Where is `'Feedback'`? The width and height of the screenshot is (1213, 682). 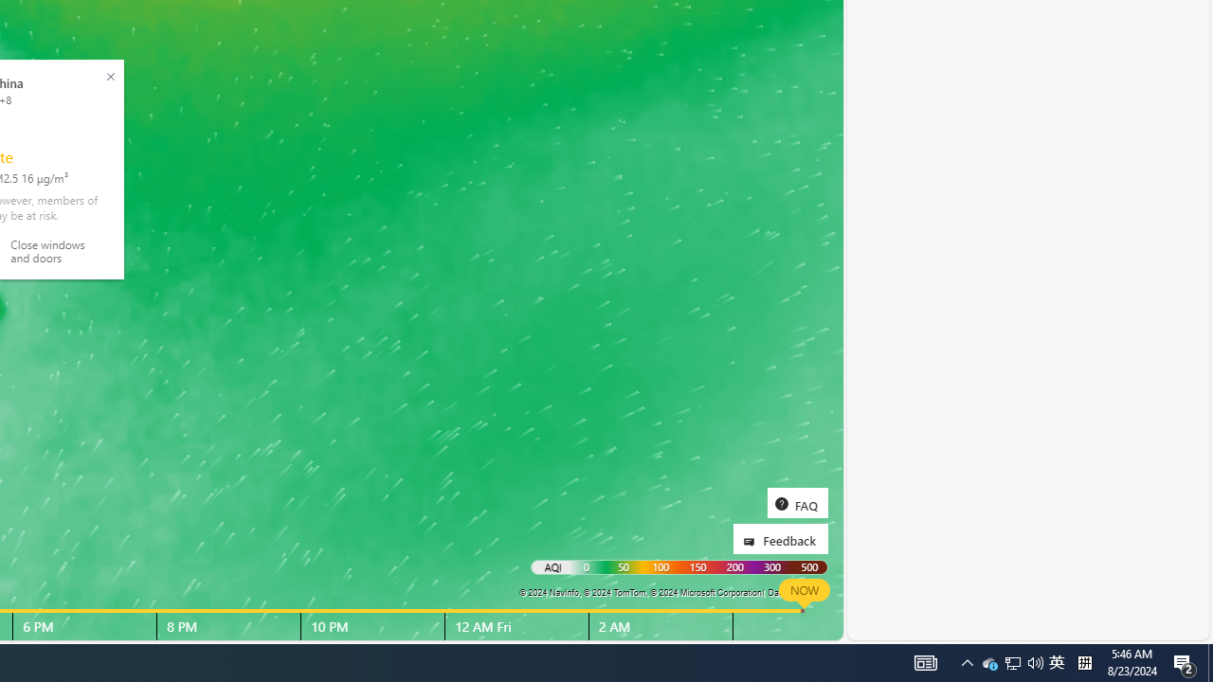
'Feedback' is located at coordinates (781, 538).